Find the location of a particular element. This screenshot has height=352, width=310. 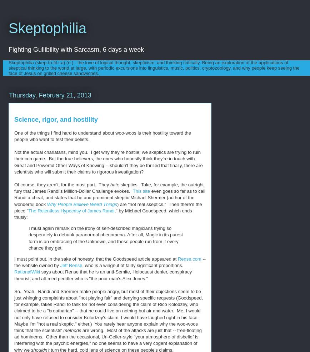

'-- the website owned by' is located at coordinates (110, 261).